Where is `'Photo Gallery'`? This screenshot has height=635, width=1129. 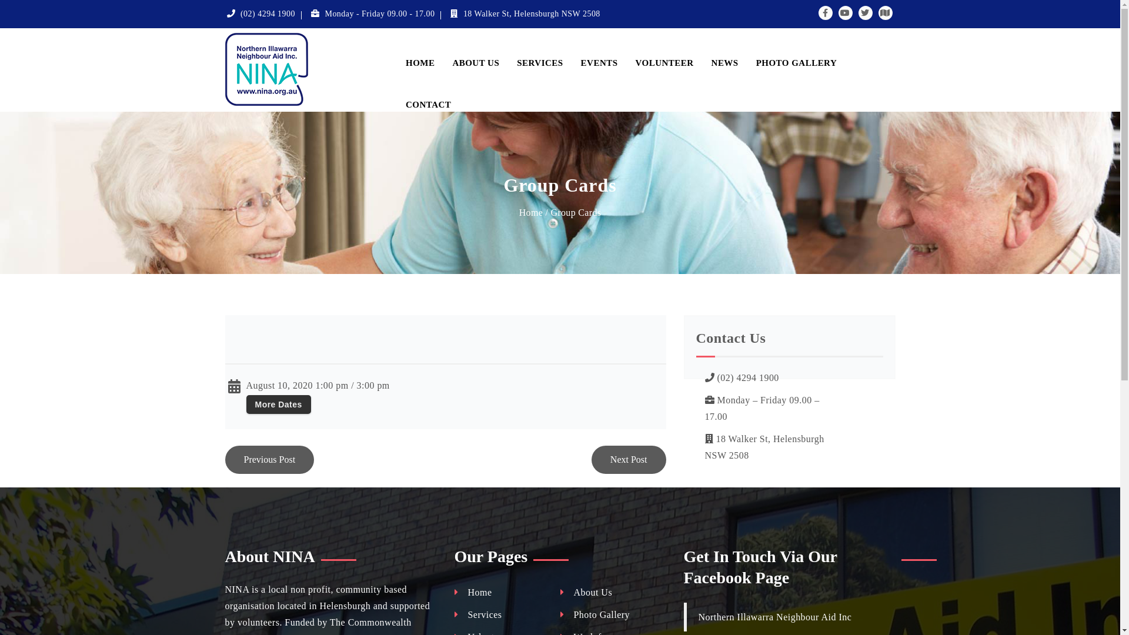 'Photo Gallery' is located at coordinates (594, 614).